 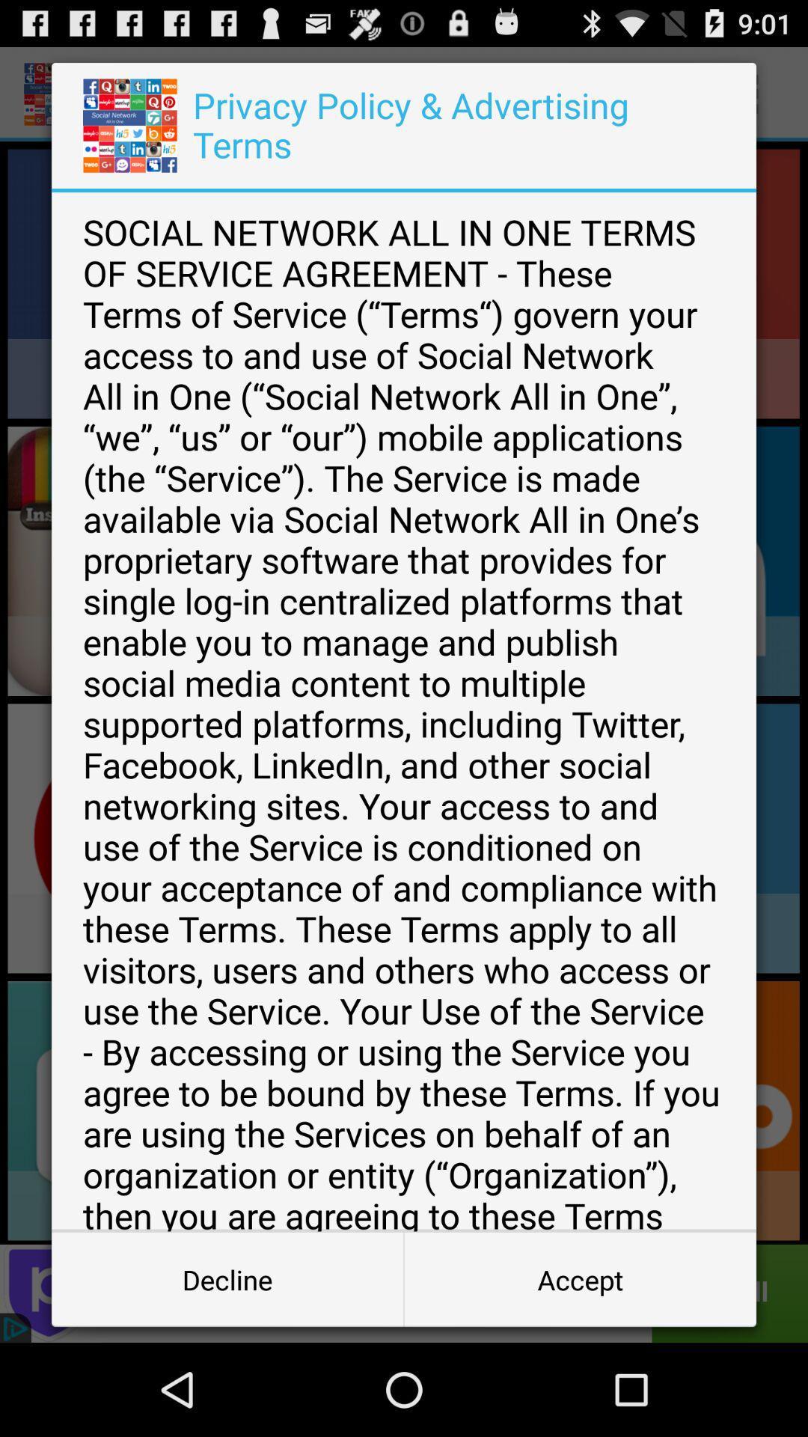 I want to click on accept button, so click(x=579, y=1278).